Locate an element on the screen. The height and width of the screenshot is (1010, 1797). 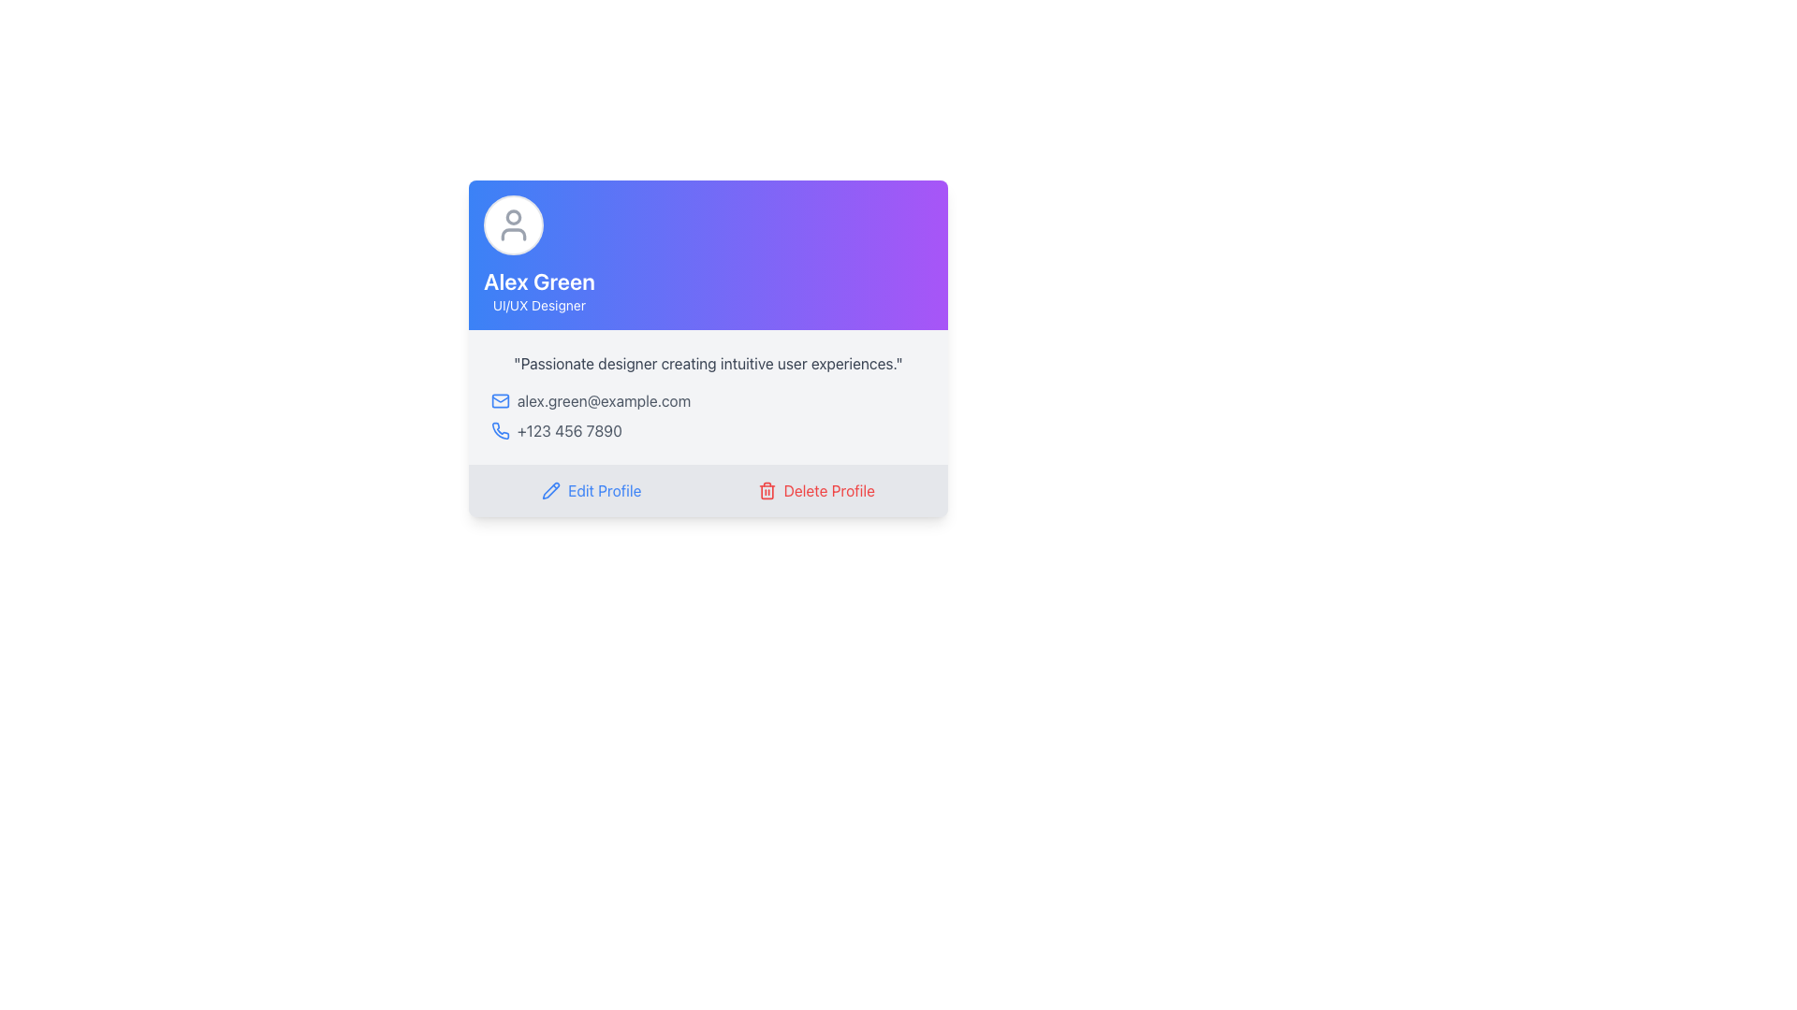
the compact red trash can icon located to the left of the 'Delete Profile' text in the bottom-right section of the profile card is located at coordinates (767, 489).